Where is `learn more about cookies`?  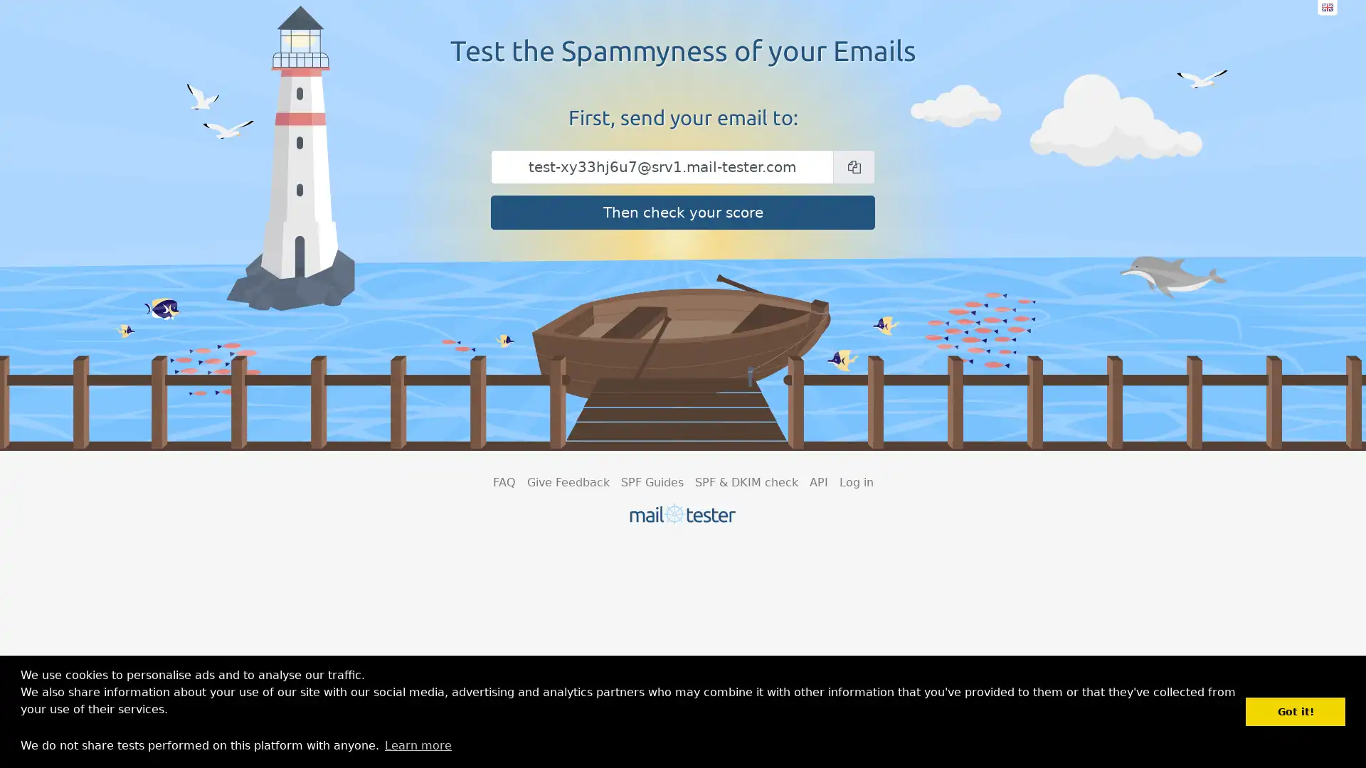 learn more about cookies is located at coordinates (417, 745).